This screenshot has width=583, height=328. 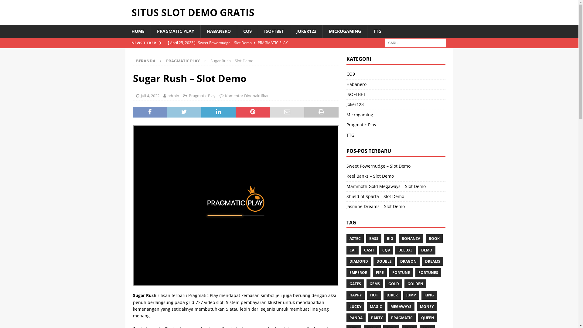 I want to click on 'PARTY', so click(x=377, y=317).